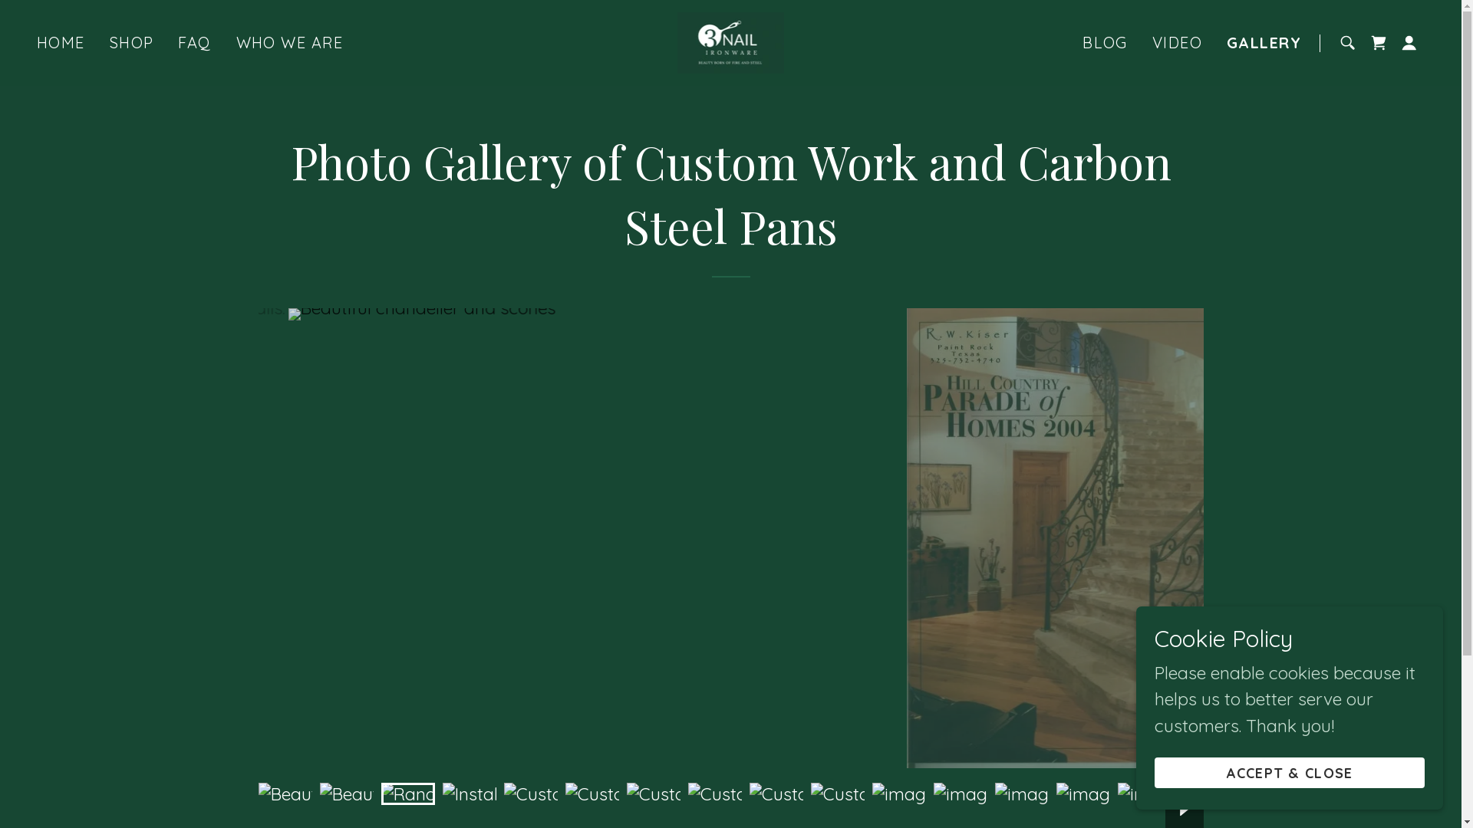 This screenshot has height=828, width=1473. I want to click on 'FAQ', so click(173, 42).